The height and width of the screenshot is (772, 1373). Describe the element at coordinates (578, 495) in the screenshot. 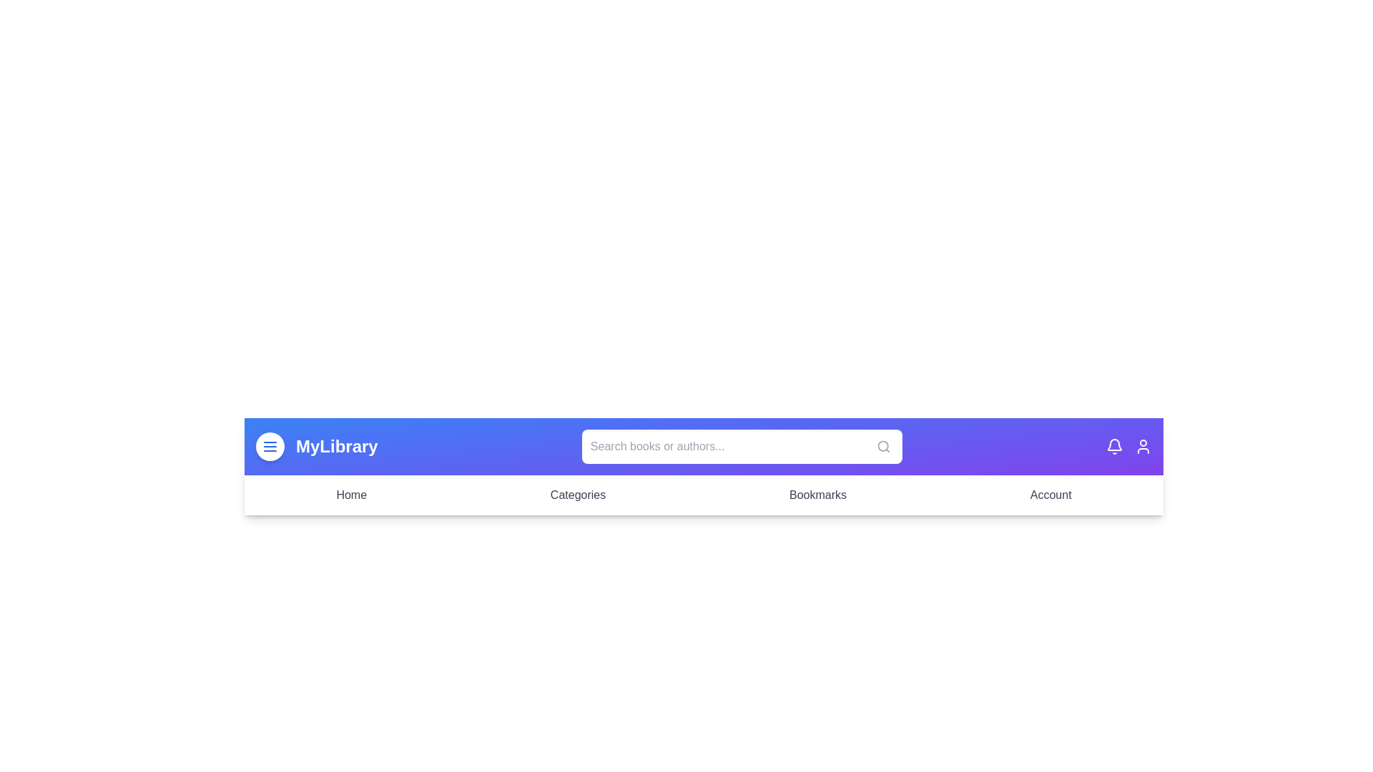

I see `the Categories menu item in the navigation bar` at that location.